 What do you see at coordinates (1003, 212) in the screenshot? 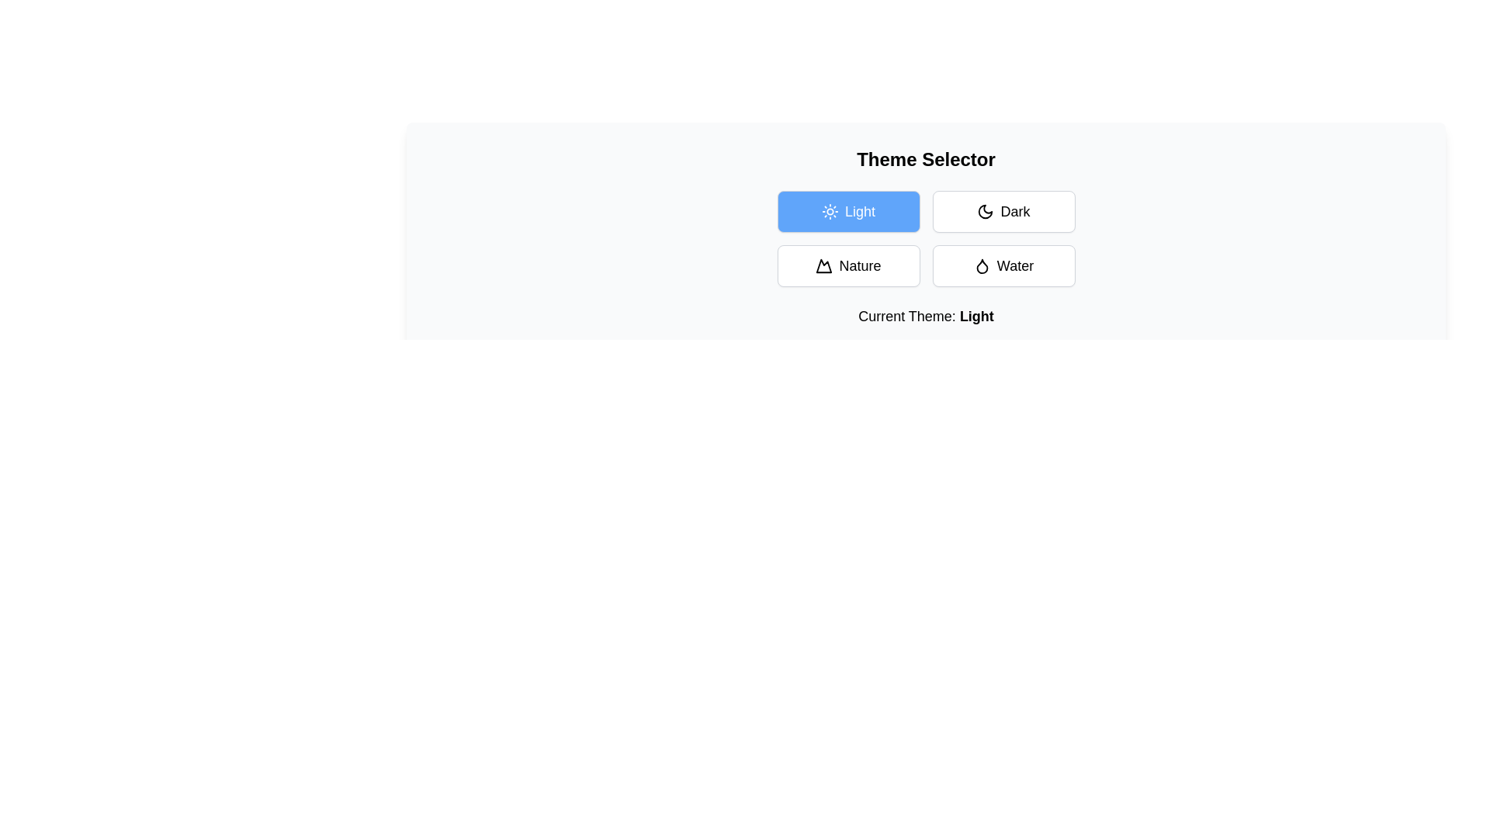
I see `the 'Dark' theme button located at the top-right of the layout to observe any hover effects` at bounding box center [1003, 212].